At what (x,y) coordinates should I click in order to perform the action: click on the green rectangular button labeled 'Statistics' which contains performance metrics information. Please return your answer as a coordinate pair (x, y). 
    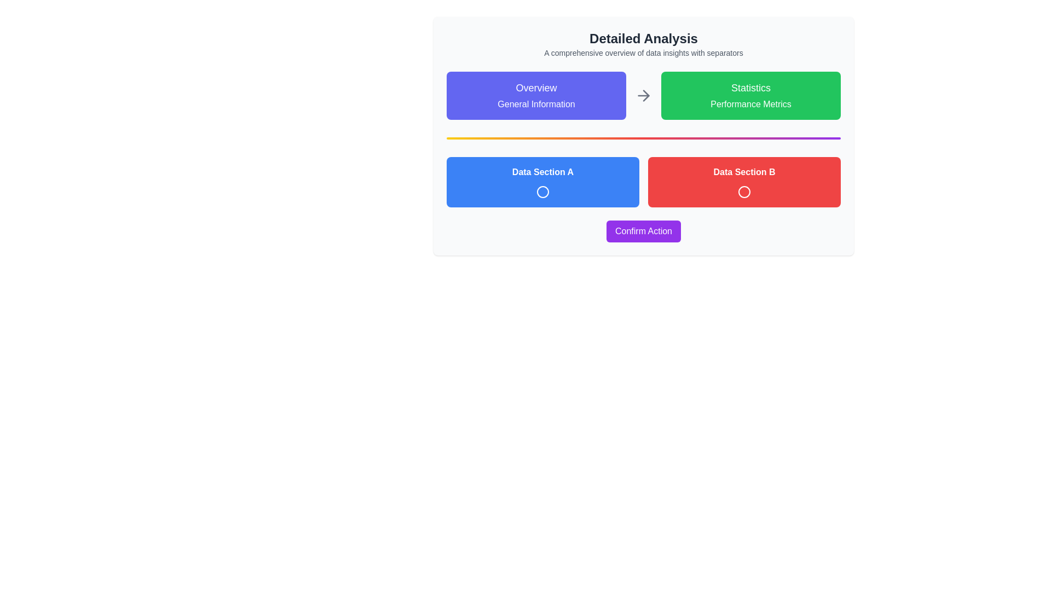
    Looking at the image, I should click on (750, 95).